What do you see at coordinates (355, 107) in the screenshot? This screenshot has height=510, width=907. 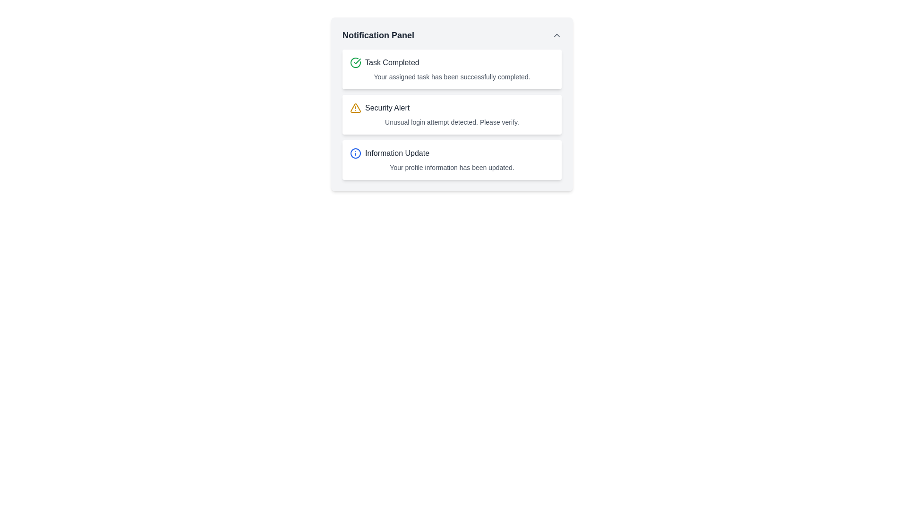 I see `the warning icon located on the left side of the 'Security Alert' text in the second notification card under the 'Notification Panel.'` at bounding box center [355, 107].